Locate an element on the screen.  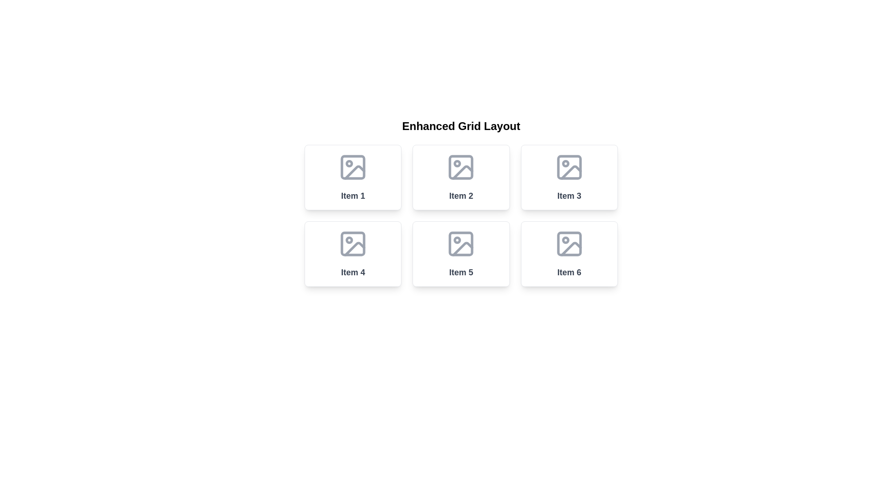
the Text Label that serves as a label for the second item in a 3x2 grid layout, positioned in the top middle cell, aiding user navigation and selection is located at coordinates (461, 195).